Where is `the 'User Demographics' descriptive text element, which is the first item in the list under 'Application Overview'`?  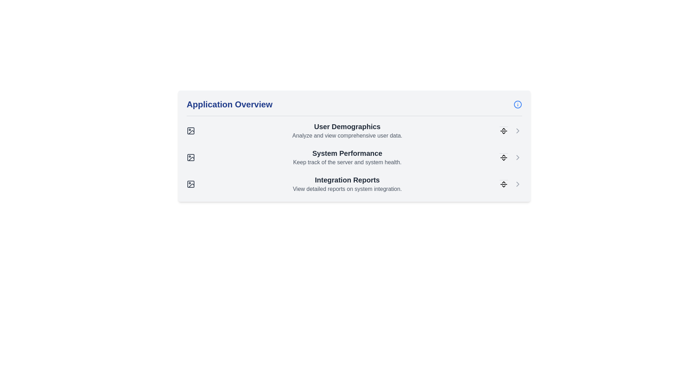 the 'User Demographics' descriptive text element, which is the first item in the list under 'Application Overview' is located at coordinates (347, 131).